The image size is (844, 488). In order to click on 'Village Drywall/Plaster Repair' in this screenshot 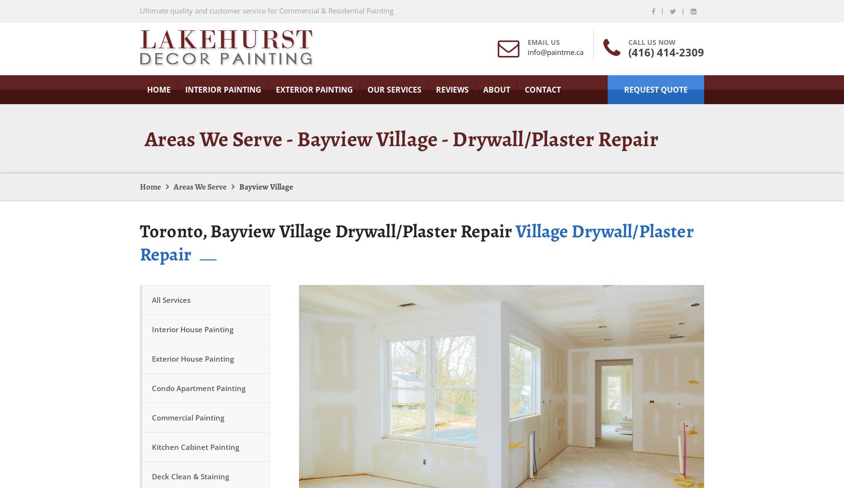, I will do `click(416, 242)`.